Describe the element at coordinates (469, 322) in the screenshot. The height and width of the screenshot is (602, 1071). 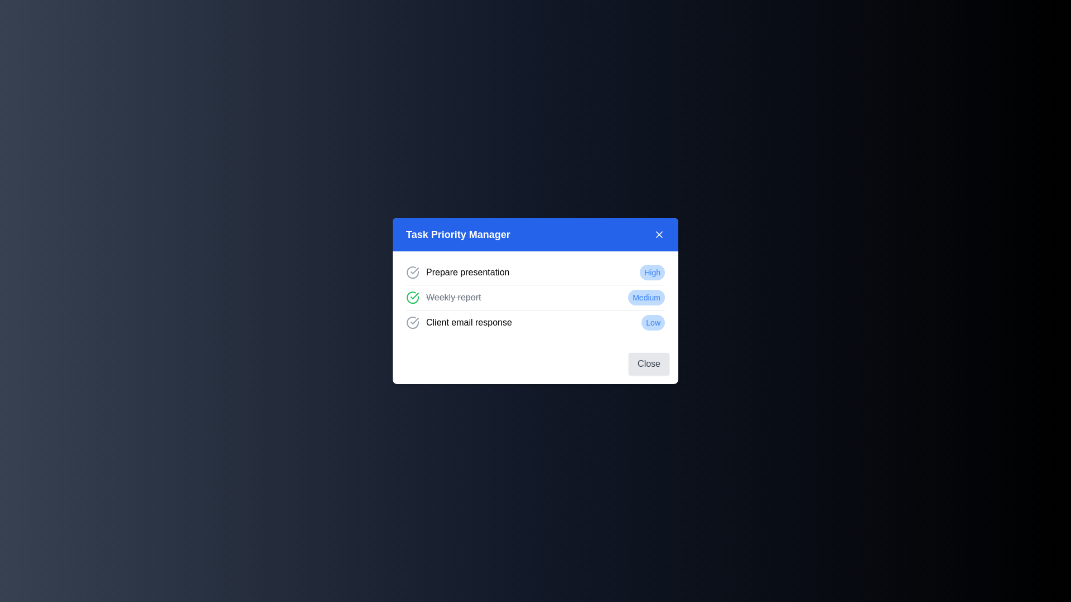
I see `text label that describes a specific task item in the list, positioned as the third text element in the 'Task Priority Manager' dialog box` at that location.